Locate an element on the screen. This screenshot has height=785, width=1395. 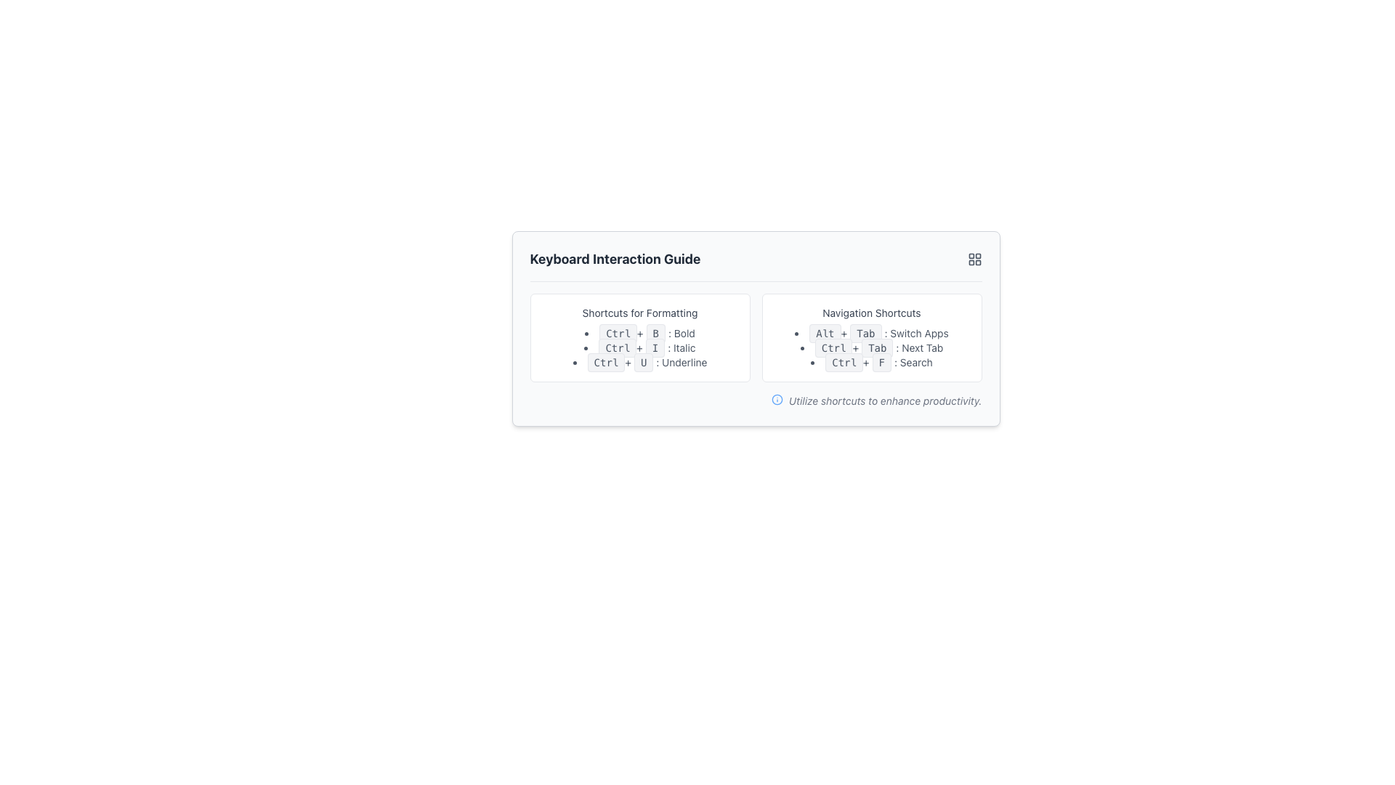
the 'Ctrl' keyboard key representation which is a small rectangular box with a light gray background, positioned at the start of the keyboard shortcut 'Ctrl + F: Search' is located at coordinates (844, 361).